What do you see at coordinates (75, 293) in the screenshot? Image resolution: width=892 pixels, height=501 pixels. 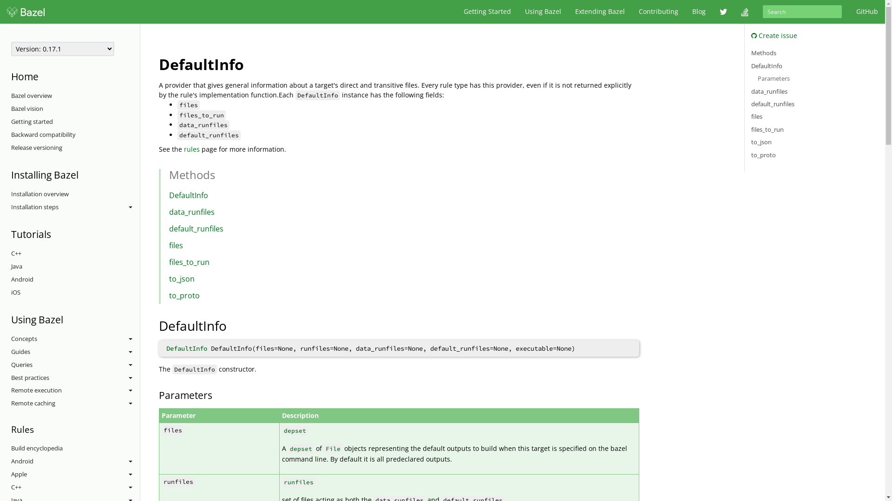 I see `'iOS'` at bounding box center [75, 293].